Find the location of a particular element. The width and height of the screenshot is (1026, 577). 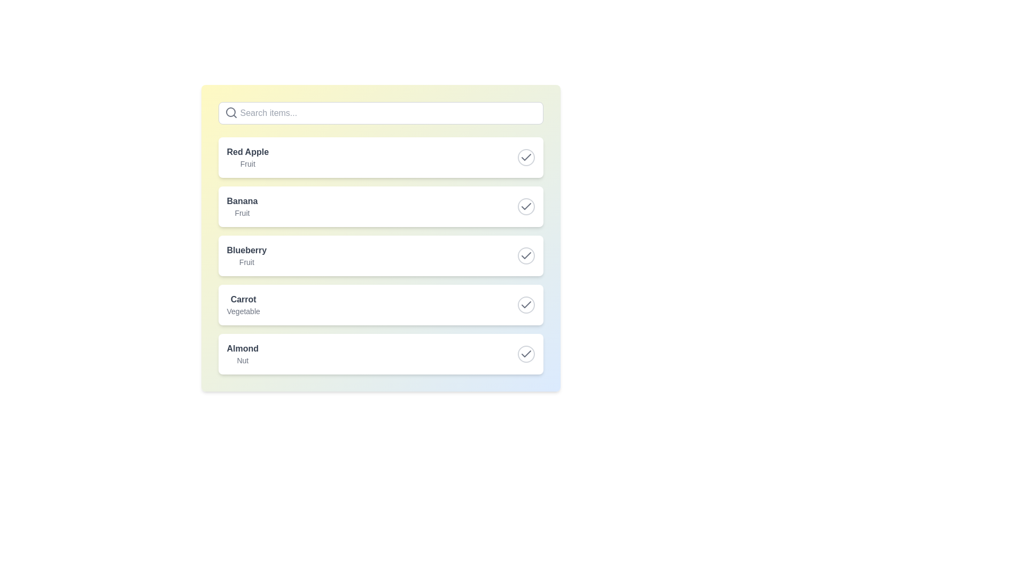

the checkmark icon indicating the selected state for the 'Banana' list item to provide visual feedback is located at coordinates (526, 206).